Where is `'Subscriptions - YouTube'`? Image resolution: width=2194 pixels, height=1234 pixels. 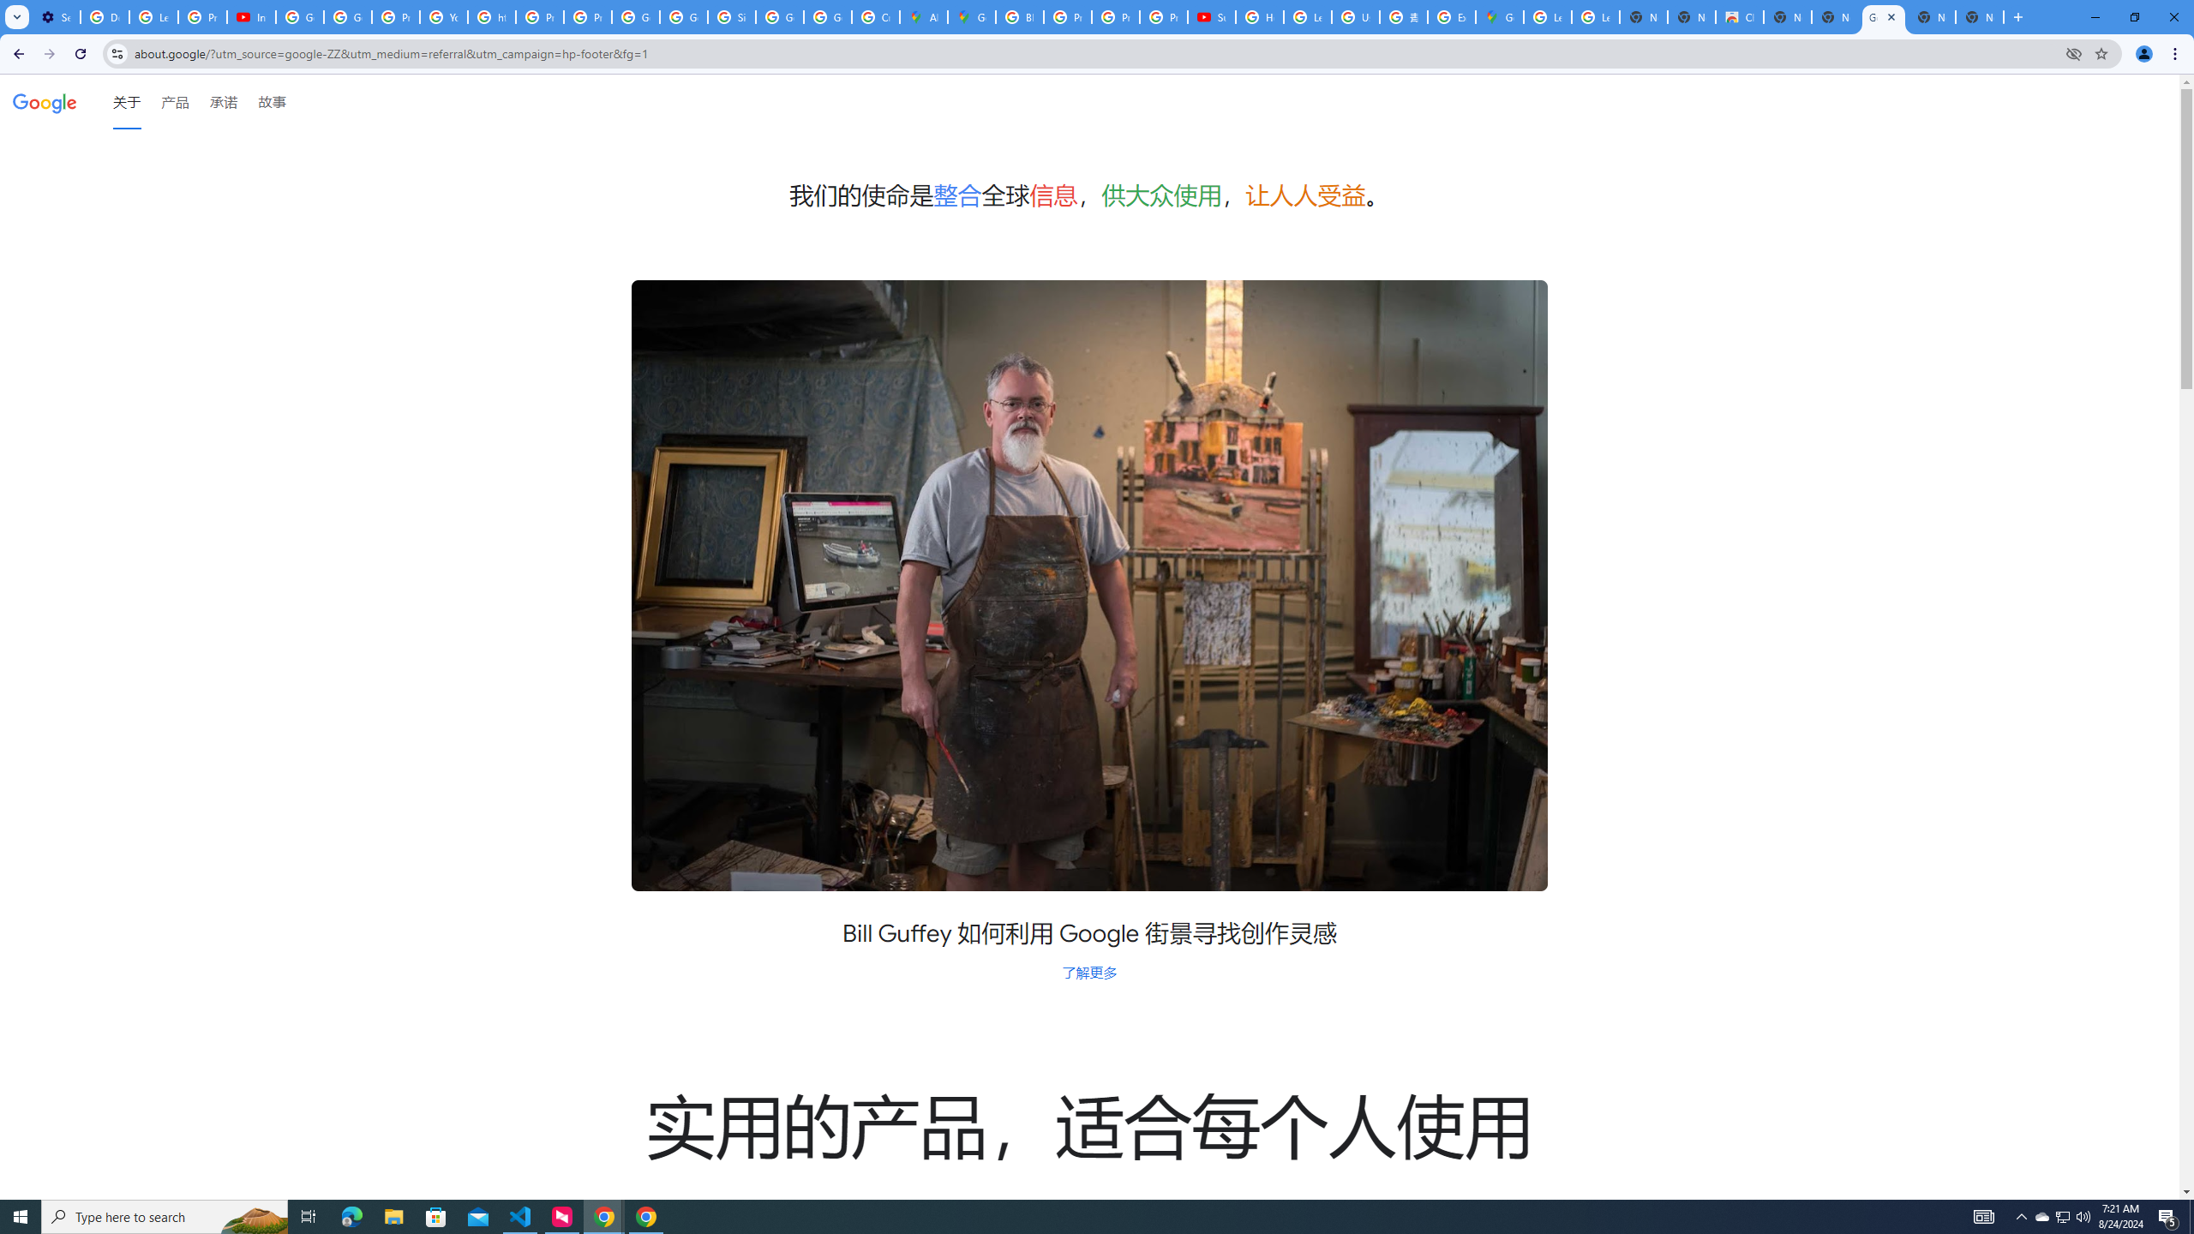 'Subscriptions - YouTube' is located at coordinates (1212, 16).